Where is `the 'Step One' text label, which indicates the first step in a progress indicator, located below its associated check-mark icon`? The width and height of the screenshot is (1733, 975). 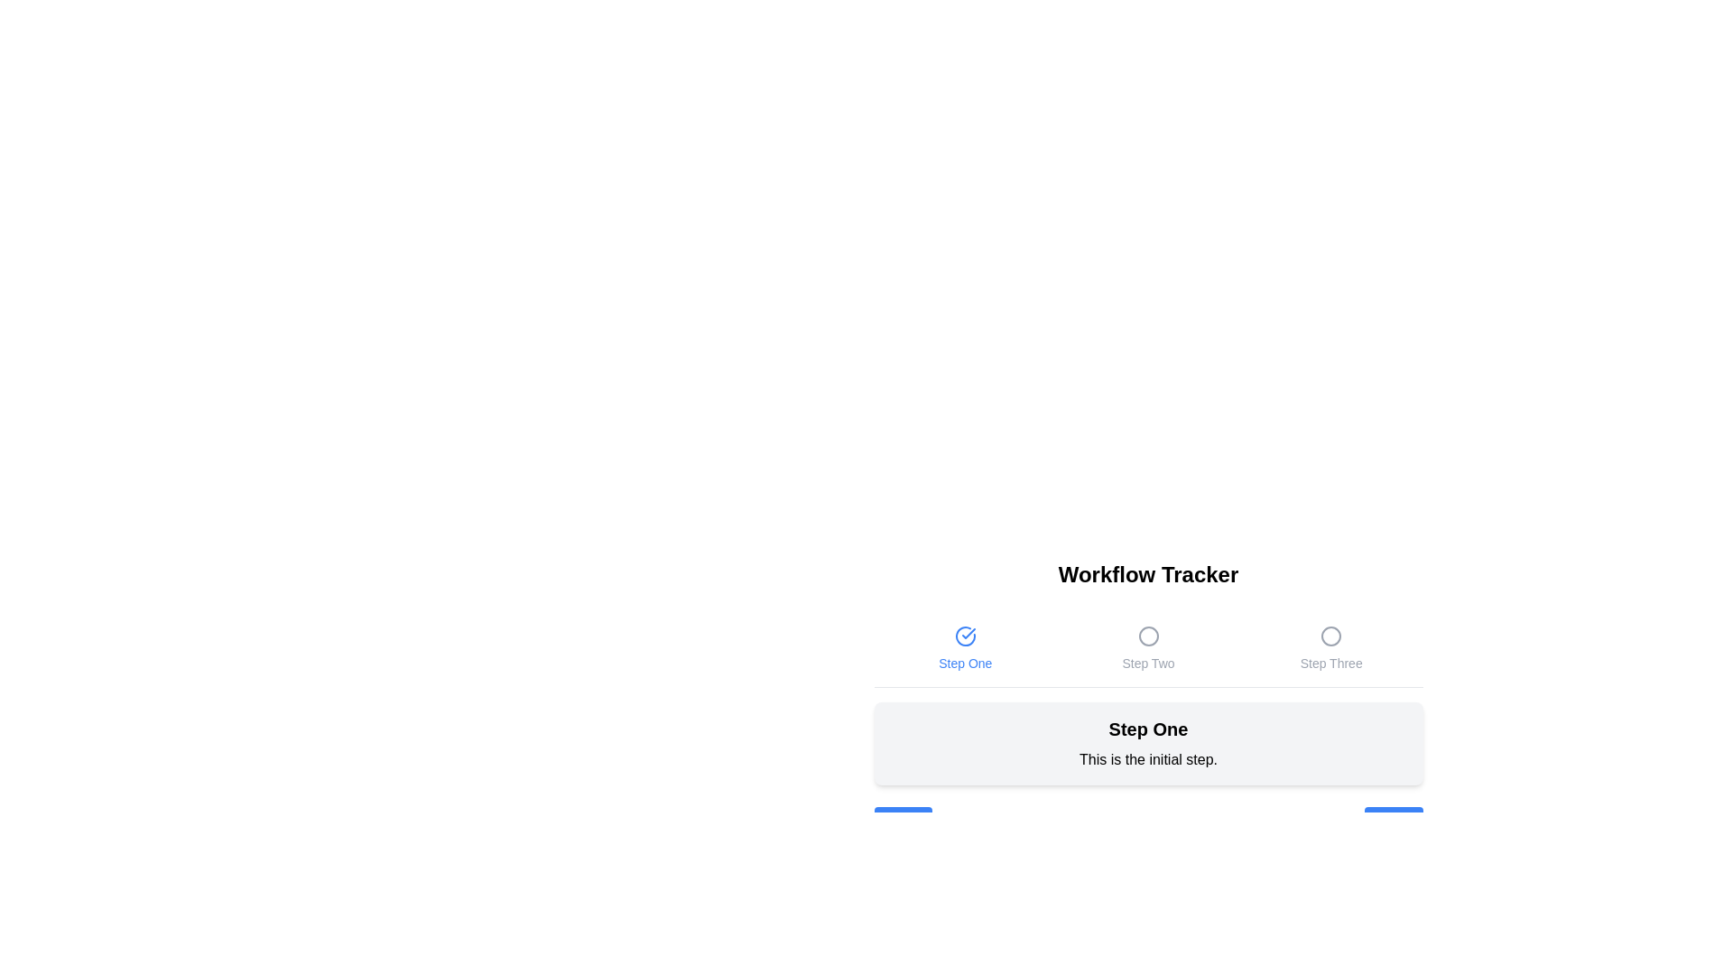
the 'Step One' text label, which indicates the first step in a progress indicator, located below its associated check-mark icon is located at coordinates (964, 664).